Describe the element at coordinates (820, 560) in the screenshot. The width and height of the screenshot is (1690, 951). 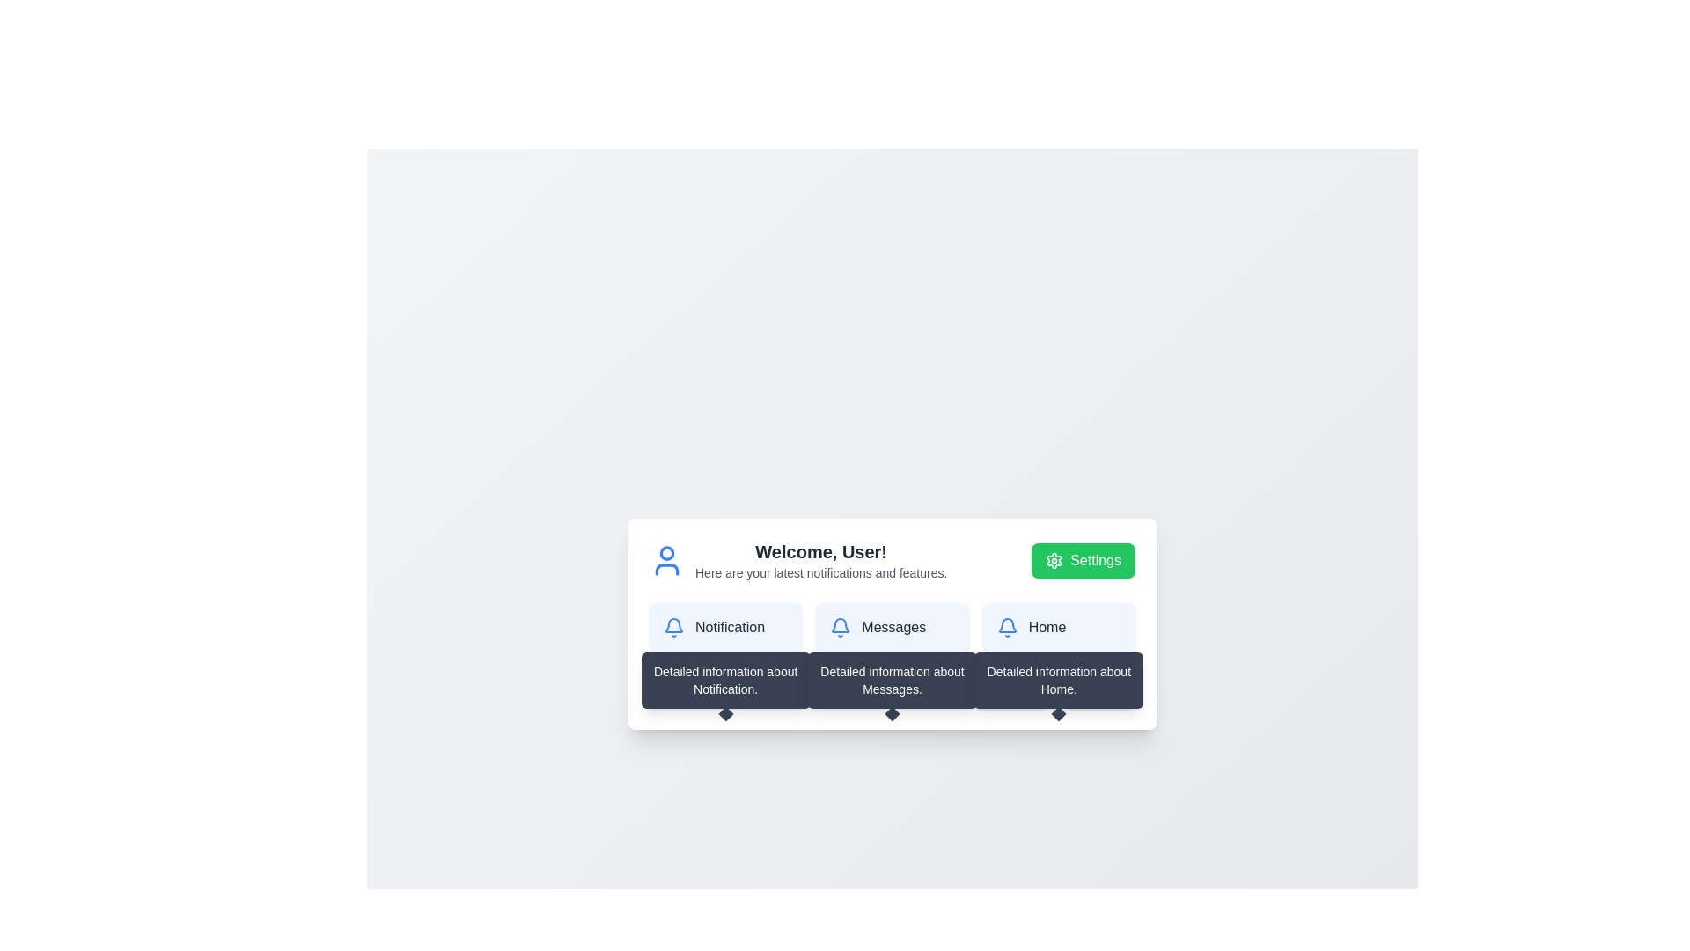
I see `text content of the greeting message block which includes 'Welcome, User!' and 'Here are your latest notifications and features.' This text block is prominently displayed at the center-top of the interface, between a person icon and a green 'Settings' button` at that location.